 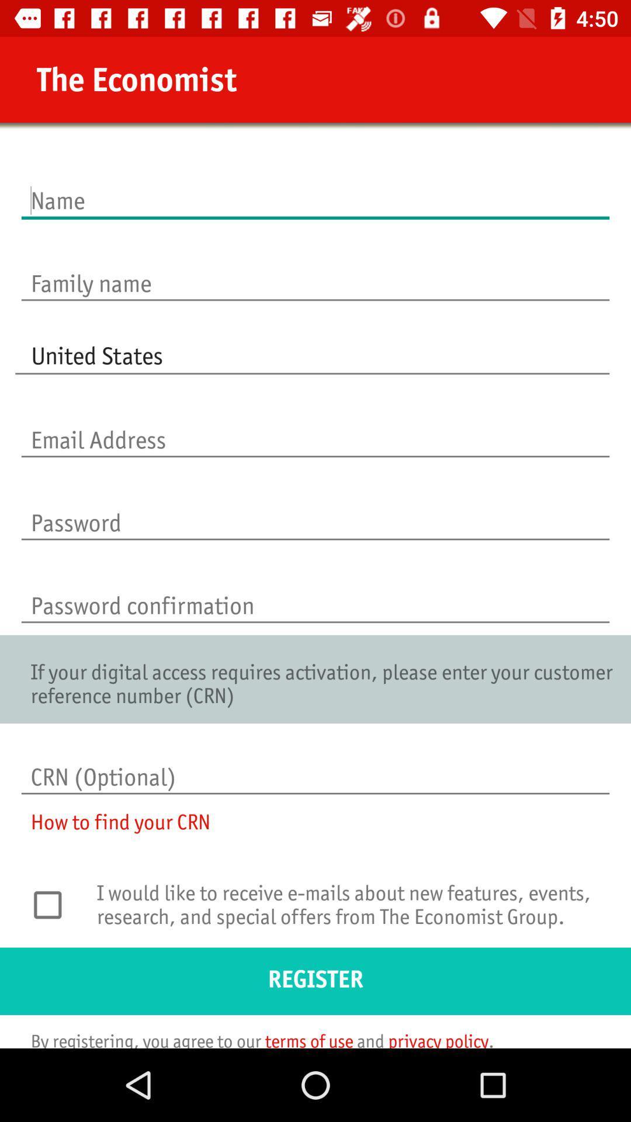 What do you see at coordinates (349, 912) in the screenshot?
I see `the i would like` at bounding box center [349, 912].